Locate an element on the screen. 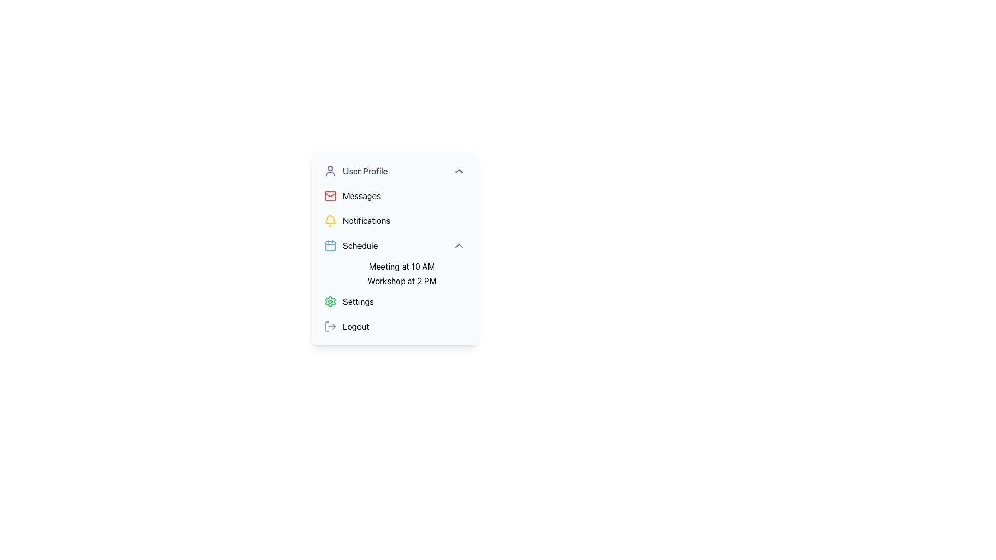  the text block containing 'Meeting at 10 AM' and 'Workshop at 2 PM' in the vertical navigation menu, which is located below the 'Schedule' menu item and above the 'Settings' menu item is located at coordinates (394, 273).